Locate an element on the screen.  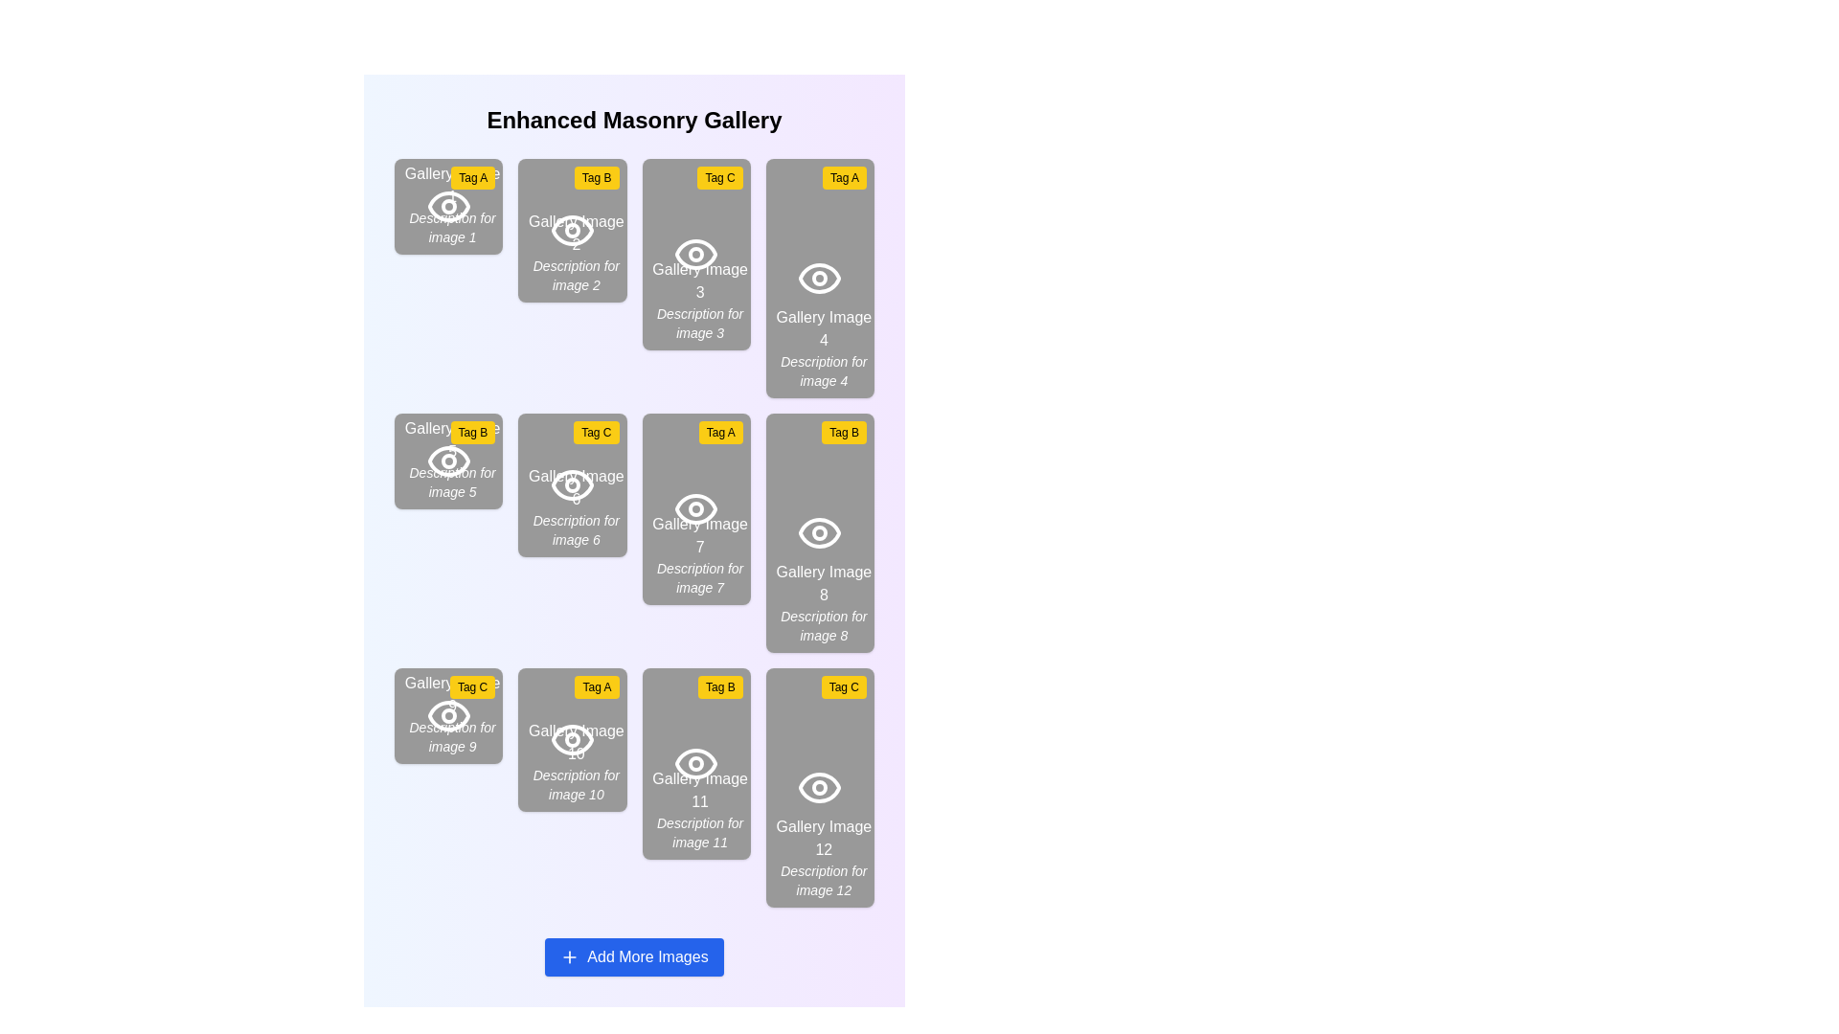
the static descriptive Text Label located under 'Gallery Image 6' in the grid layout is located at coordinates (575, 530).